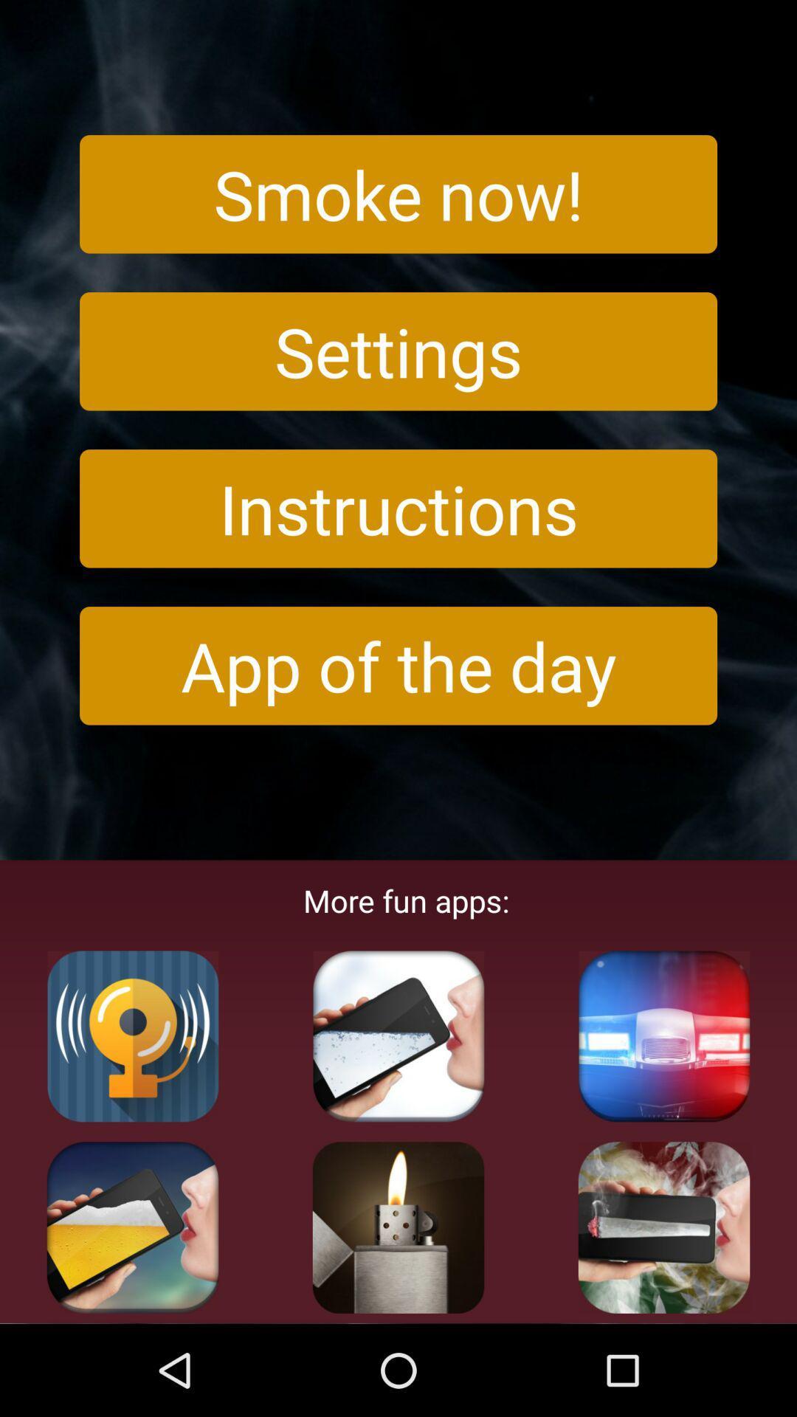 This screenshot has height=1417, width=797. I want to click on swtich autoplay option, so click(663, 1035).